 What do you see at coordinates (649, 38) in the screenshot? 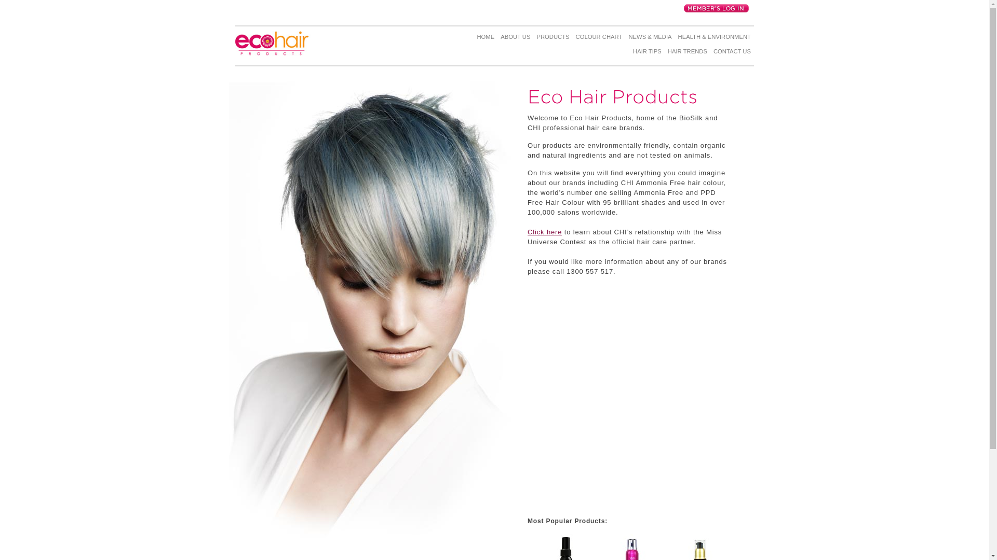
I see `'NEWS & MEDIA'` at bounding box center [649, 38].